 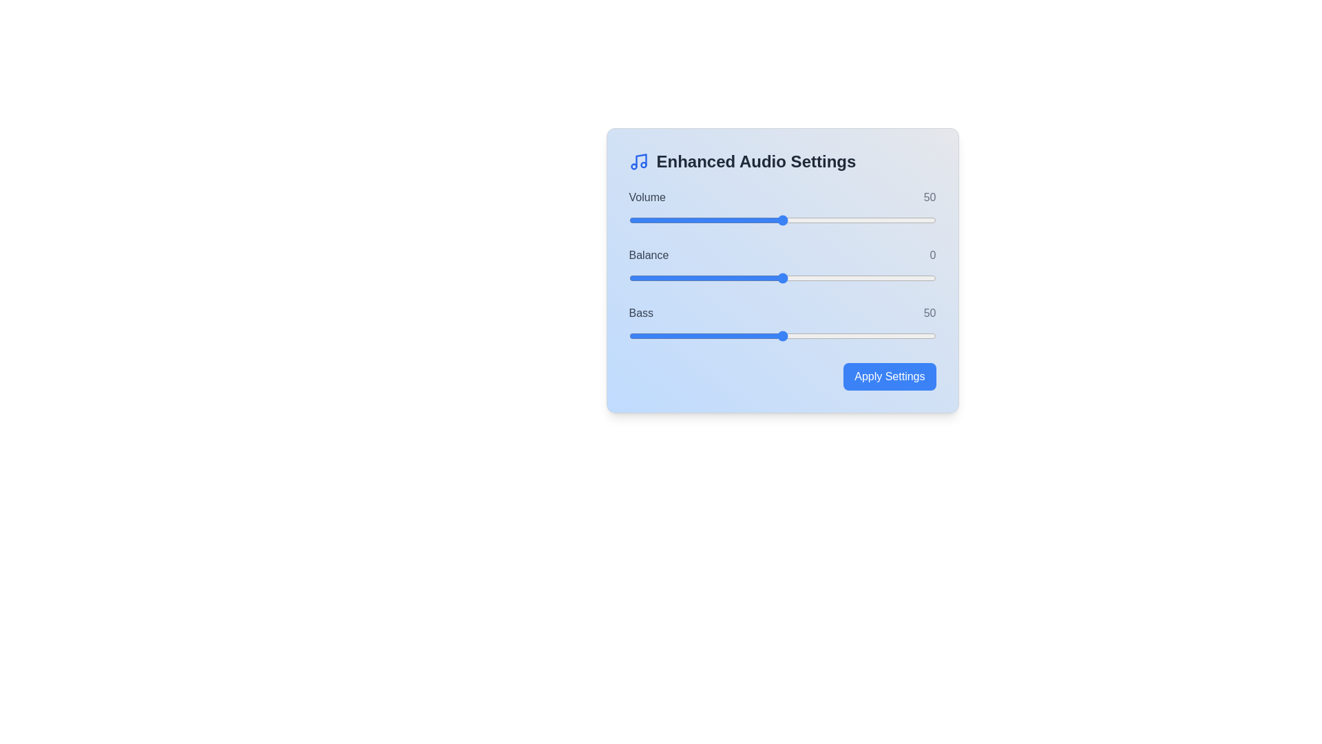 What do you see at coordinates (666, 336) in the screenshot?
I see `the bass slider to 12 percent` at bounding box center [666, 336].